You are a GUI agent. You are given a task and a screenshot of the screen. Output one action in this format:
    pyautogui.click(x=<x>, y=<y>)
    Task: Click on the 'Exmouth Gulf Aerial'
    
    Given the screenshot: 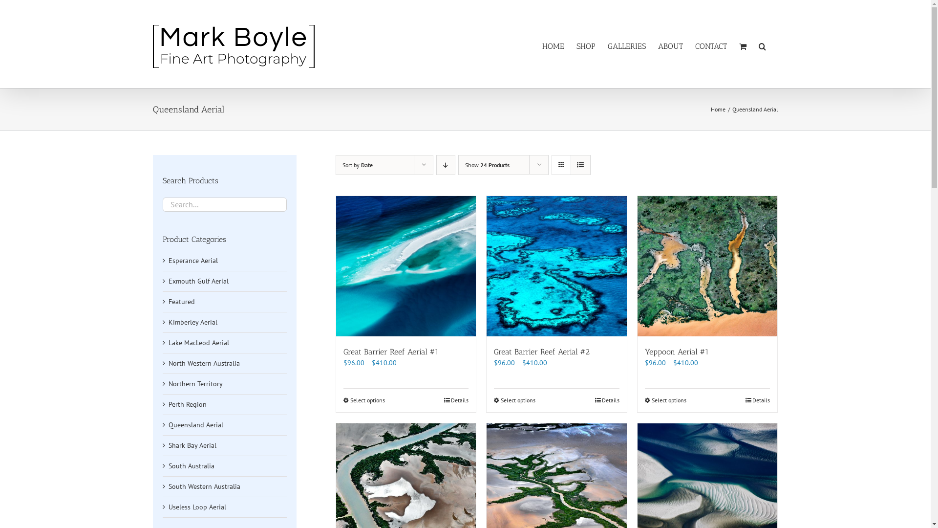 What is the action you would take?
    pyautogui.click(x=197, y=281)
    